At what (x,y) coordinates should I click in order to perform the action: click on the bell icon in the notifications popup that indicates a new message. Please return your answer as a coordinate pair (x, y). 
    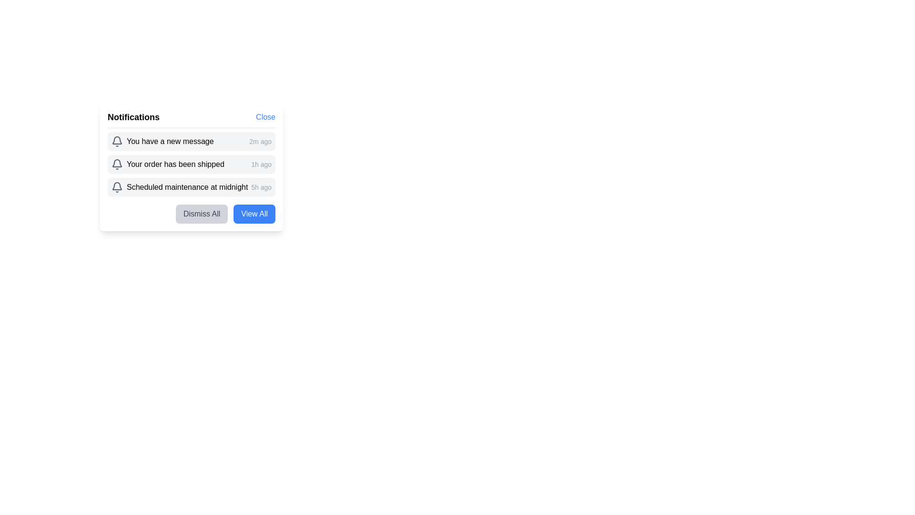
    Looking at the image, I should click on (116, 142).